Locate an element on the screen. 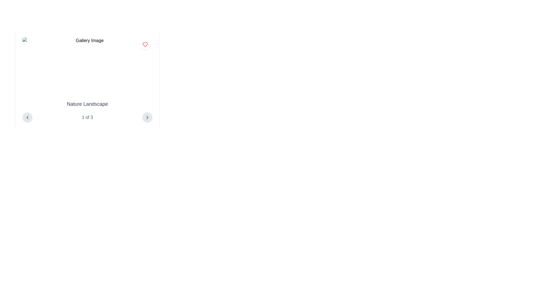 Image resolution: width=538 pixels, height=303 pixels. the left navigation chevron icon located within a circular button in the bottom-left corner of the card is located at coordinates (27, 117).